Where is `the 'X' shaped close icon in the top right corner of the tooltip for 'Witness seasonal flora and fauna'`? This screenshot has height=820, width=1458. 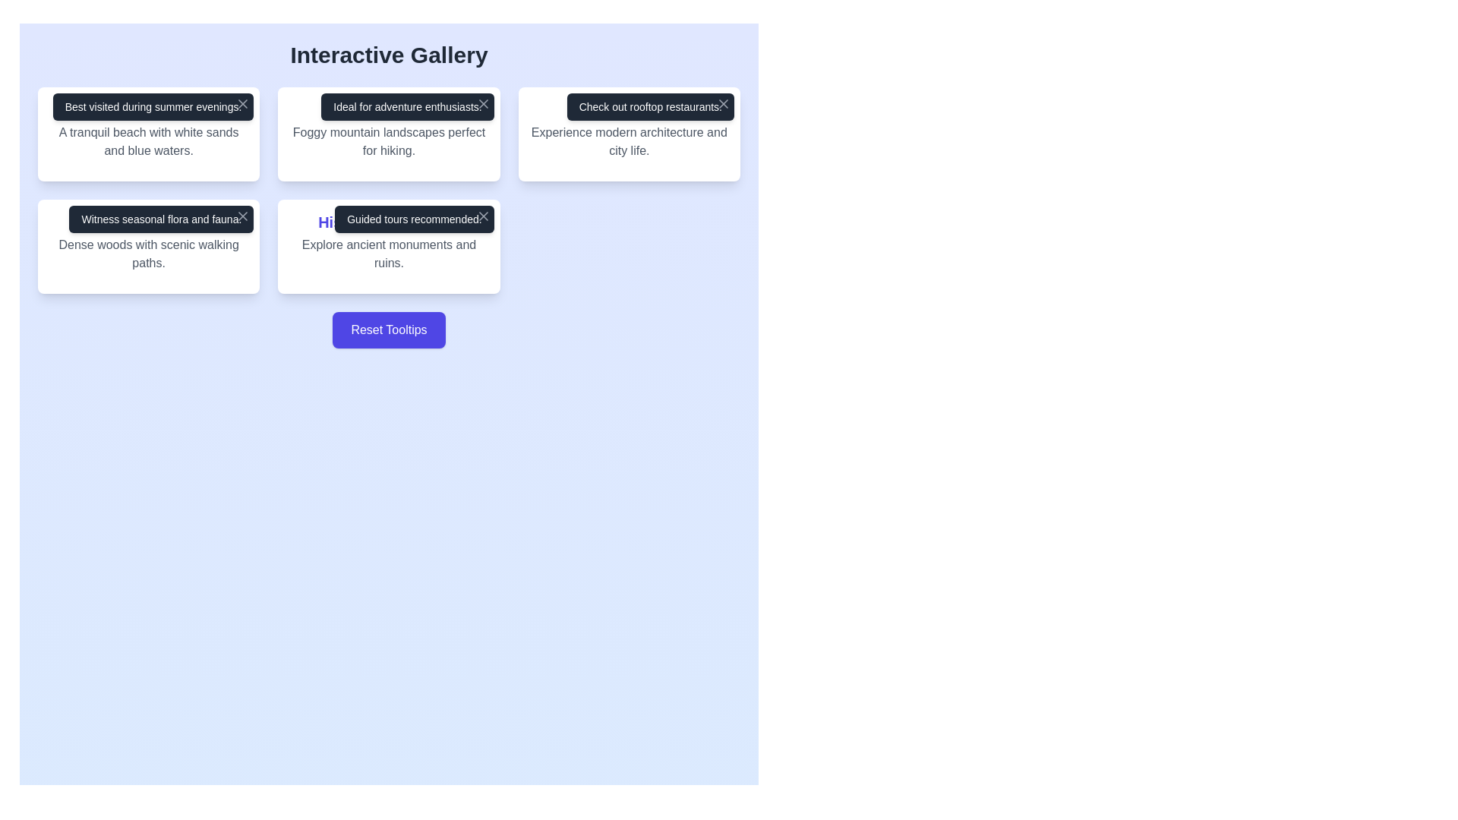
the 'X' shaped close icon in the top right corner of the tooltip for 'Witness seasonal flora and fauna' is located at coordinates (243, 216).